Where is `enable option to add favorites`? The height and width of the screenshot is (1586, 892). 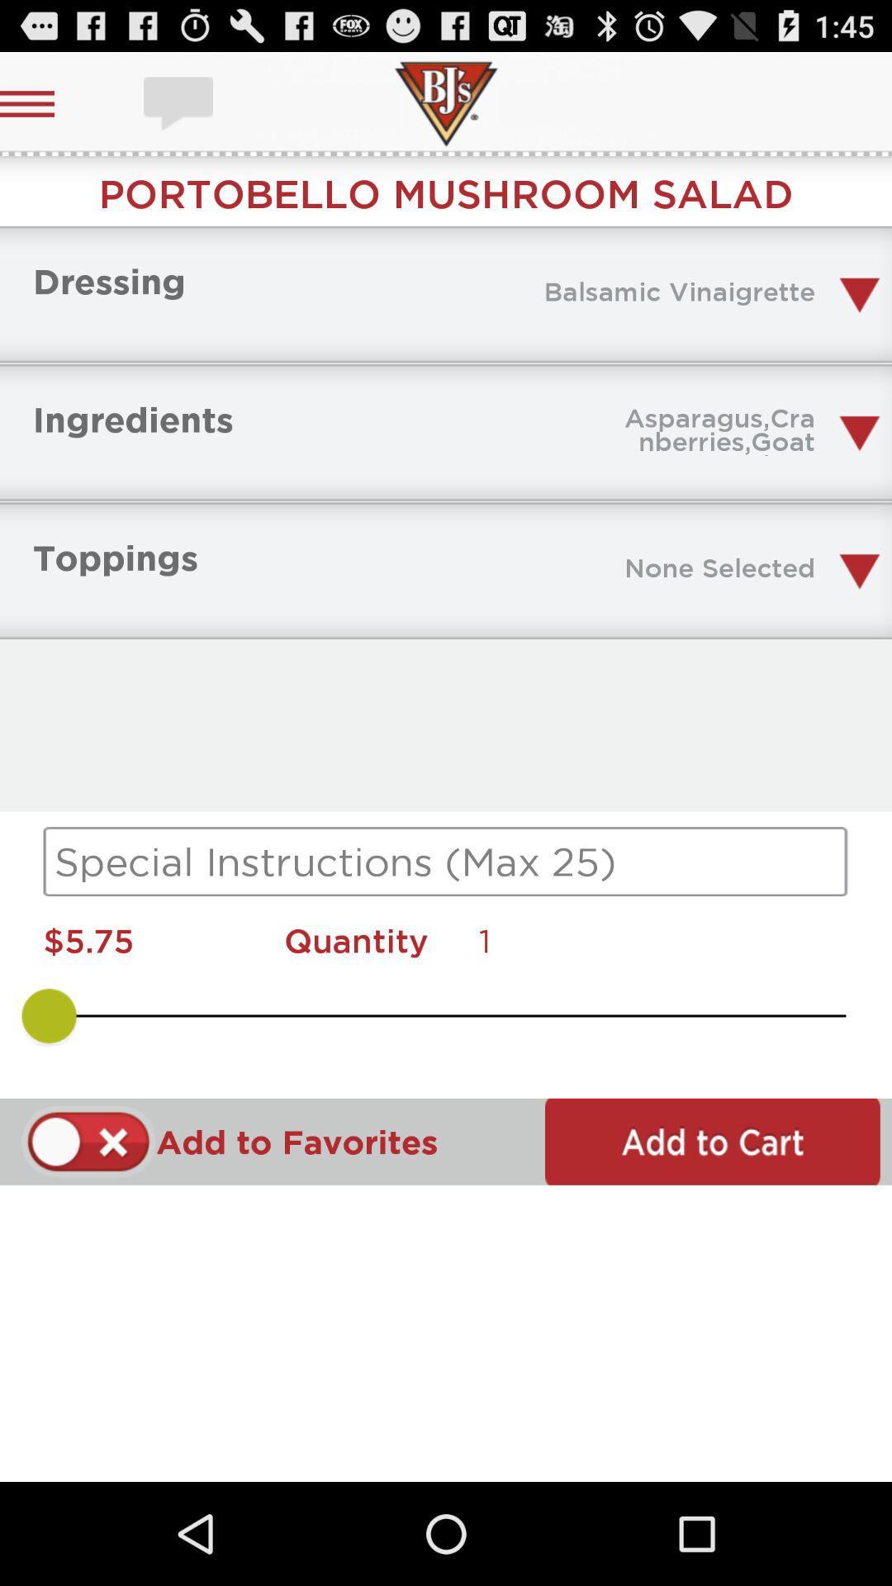 enable option to add favorites is located at coordinates (88, 1141).